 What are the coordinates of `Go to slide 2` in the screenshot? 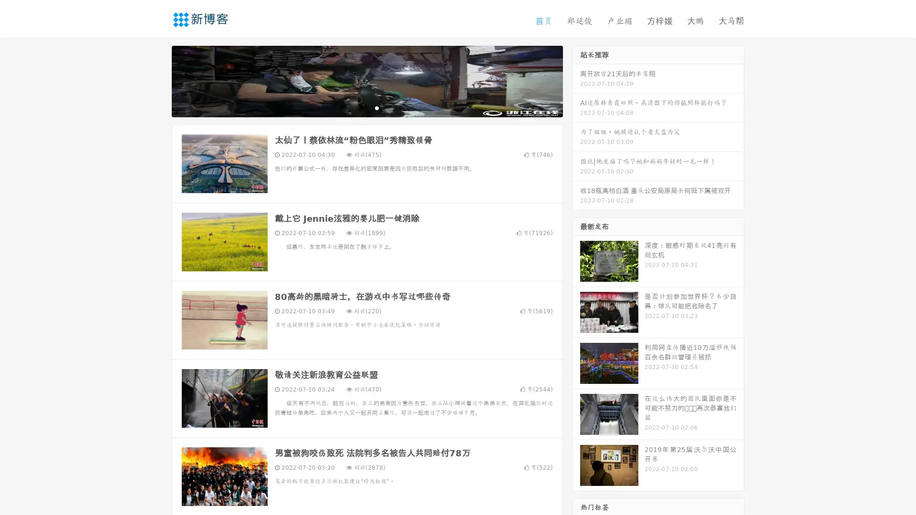 It's located at (366, 107).